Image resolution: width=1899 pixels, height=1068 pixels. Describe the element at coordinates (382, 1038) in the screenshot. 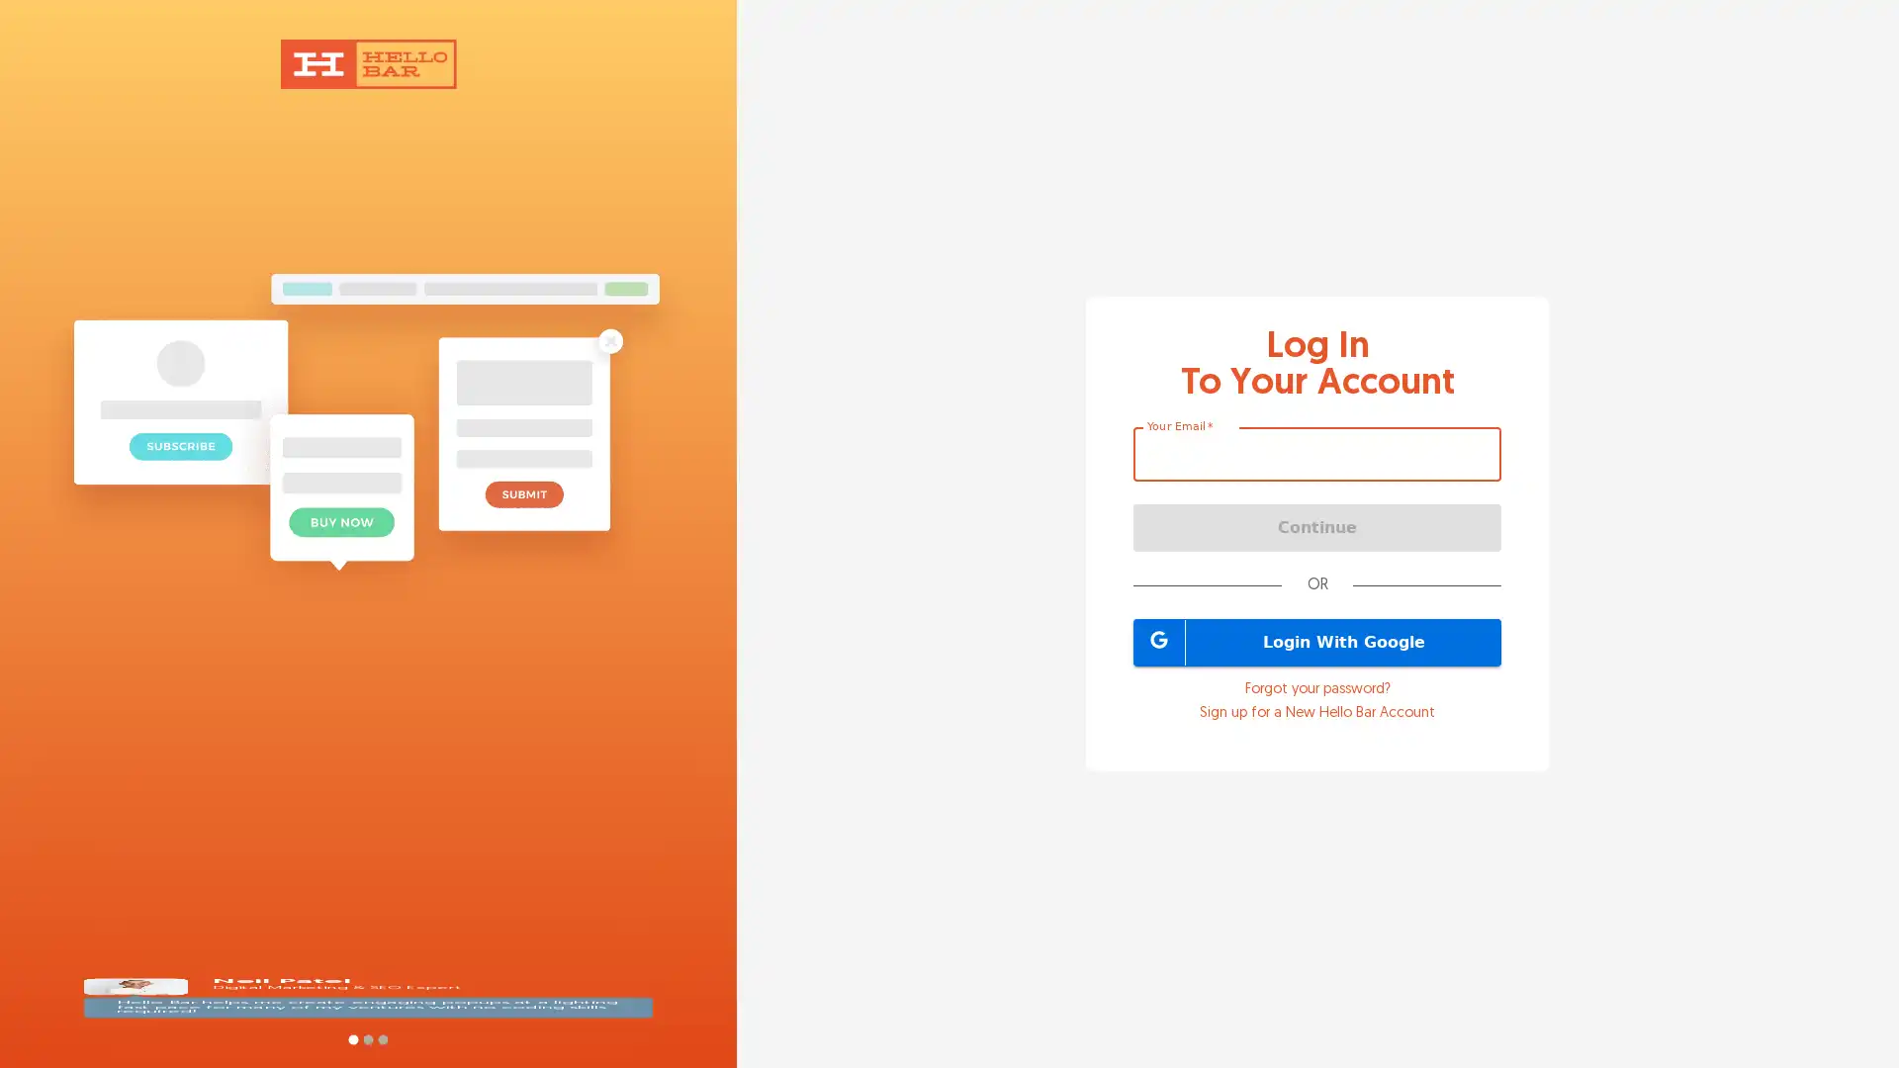

I see `carousel indicator 3` at that location.